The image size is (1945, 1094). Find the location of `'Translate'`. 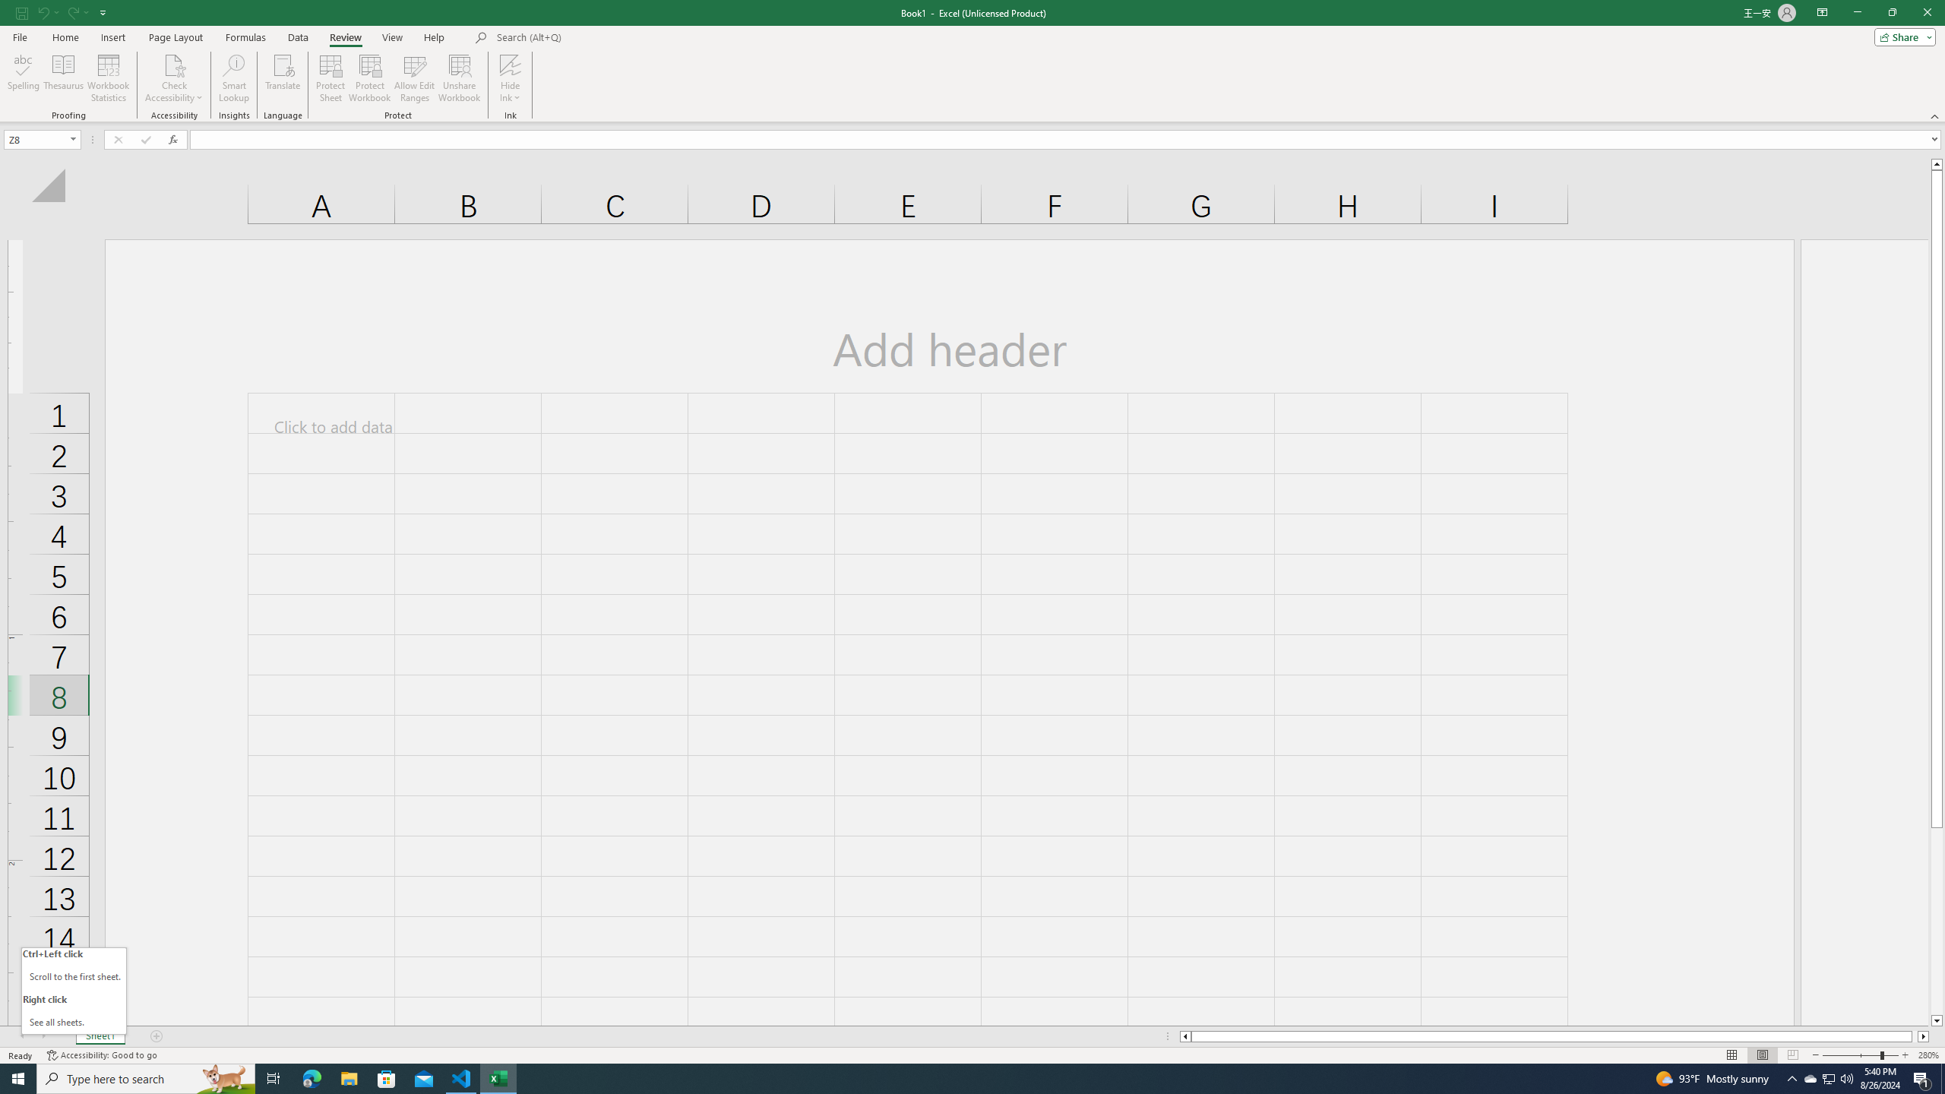

'Translate' is located at coordinates (282, 78).